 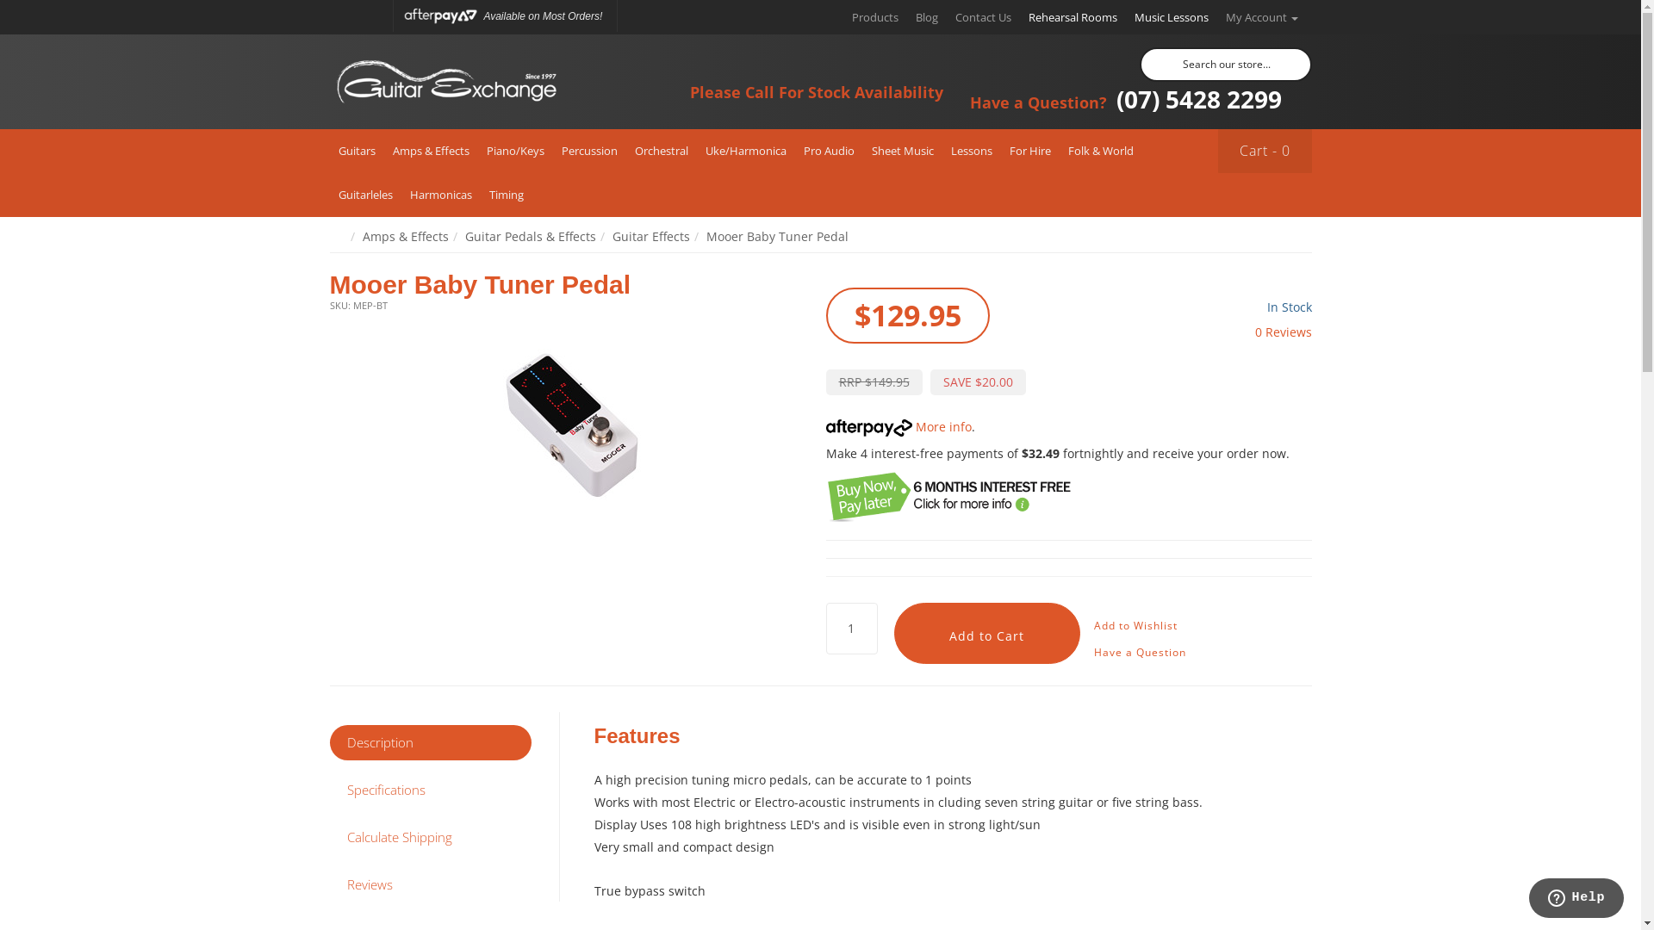 I want to click on 'Harmonicas', so click(x=441, y=194).